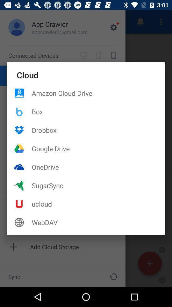 This screenshot has width=172, height=307. Describe the element at coordinates (98, 112) in the screenshot. I see `item below the amazon cloud drive` at that location.